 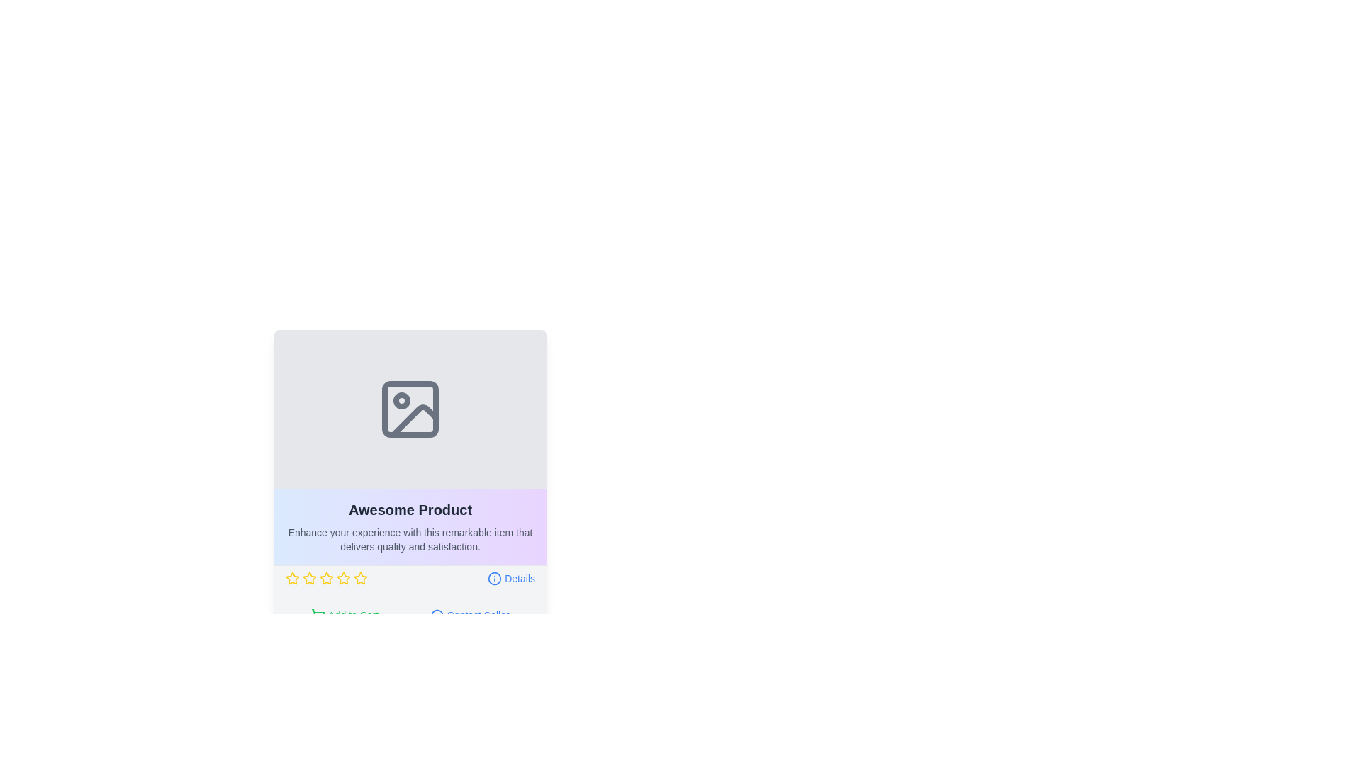 What do you see at coordinates (325, 579) in the screenshot?
I see `the fifth yellow star icon in the rating system located below the card header and product description` at bounding box center [325, 579].